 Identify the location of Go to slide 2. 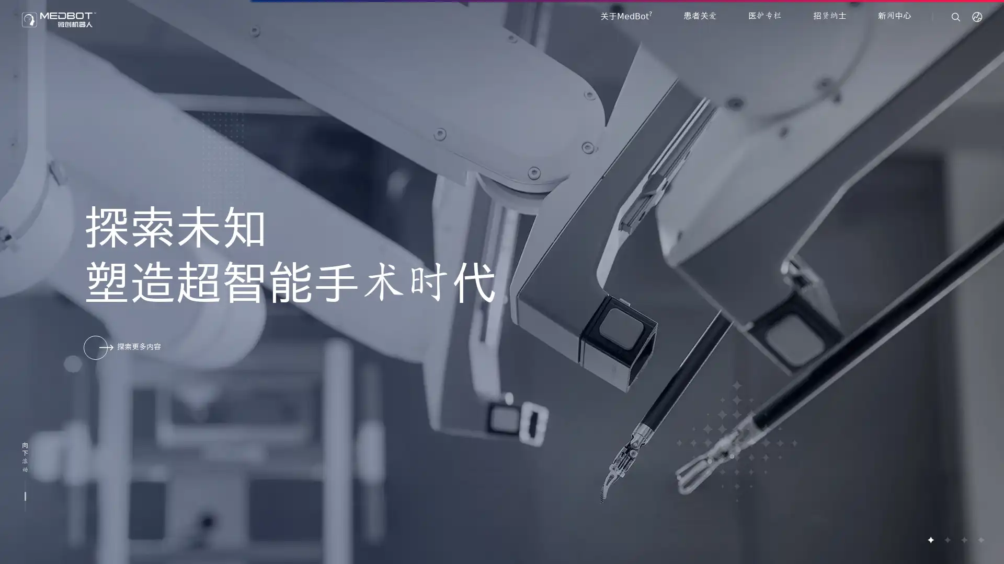
(946, 539).